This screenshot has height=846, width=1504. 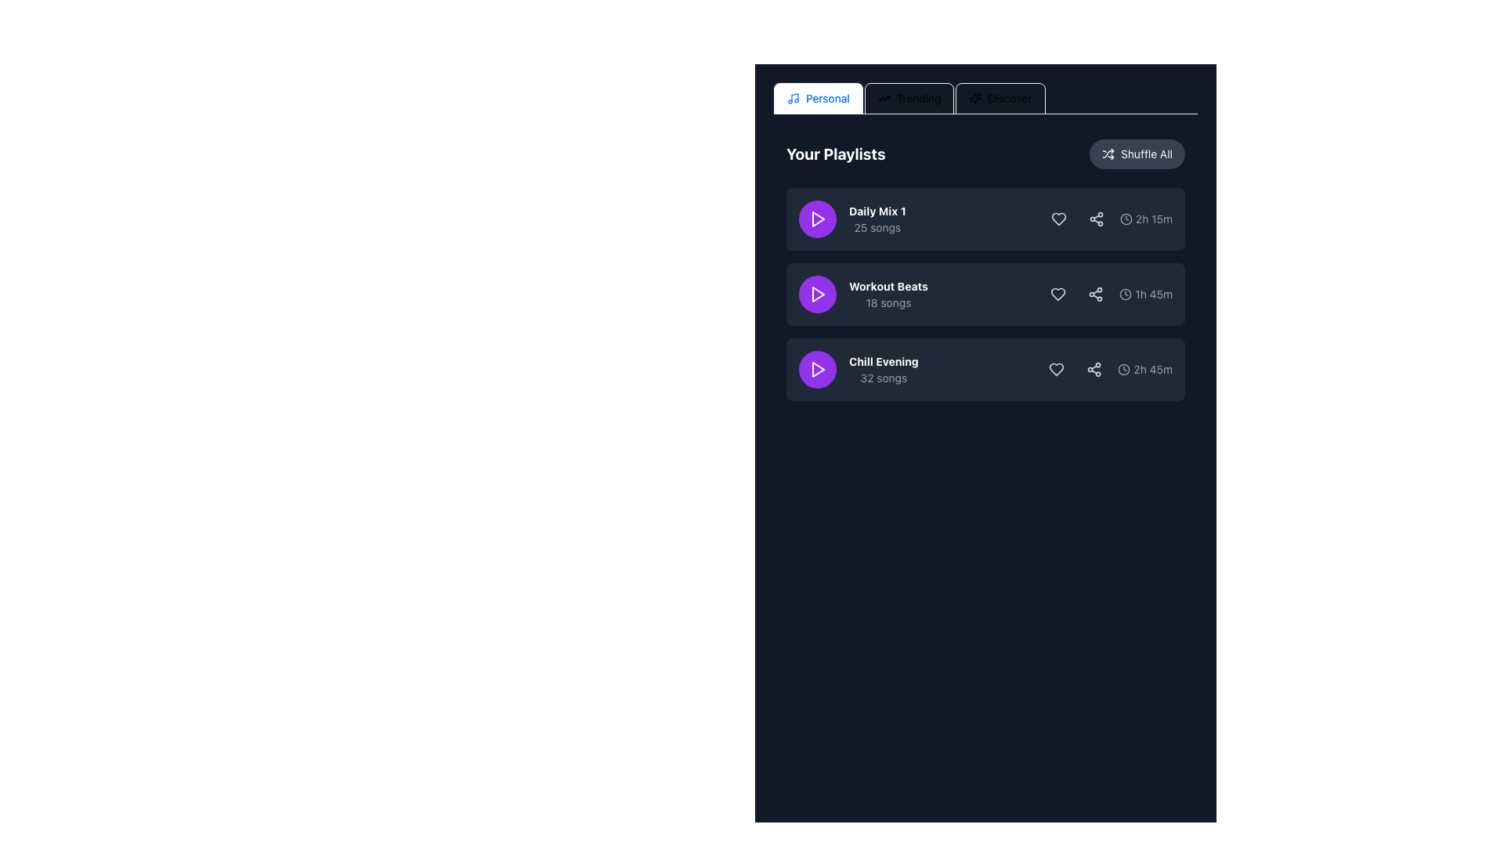 What do you see at coordinates (1154, 294) in the screenshot?
I see `information displayed in the Text label that shows the total duration of the playlist, located at the bottom-right of the 'Workout Beats' playlist row, next to the clock icon` at bounding box center [1154, 294].